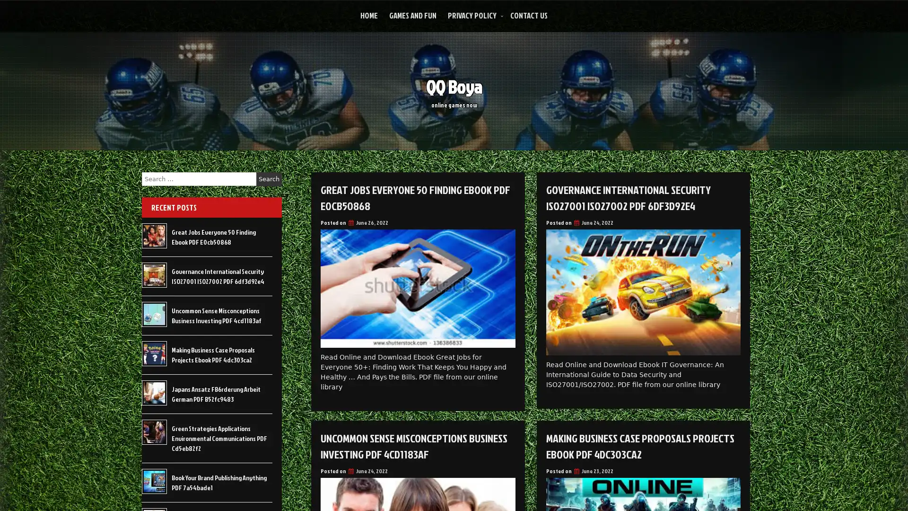 The image size is (908, 511). I want to click on Search, so click(269, 179).